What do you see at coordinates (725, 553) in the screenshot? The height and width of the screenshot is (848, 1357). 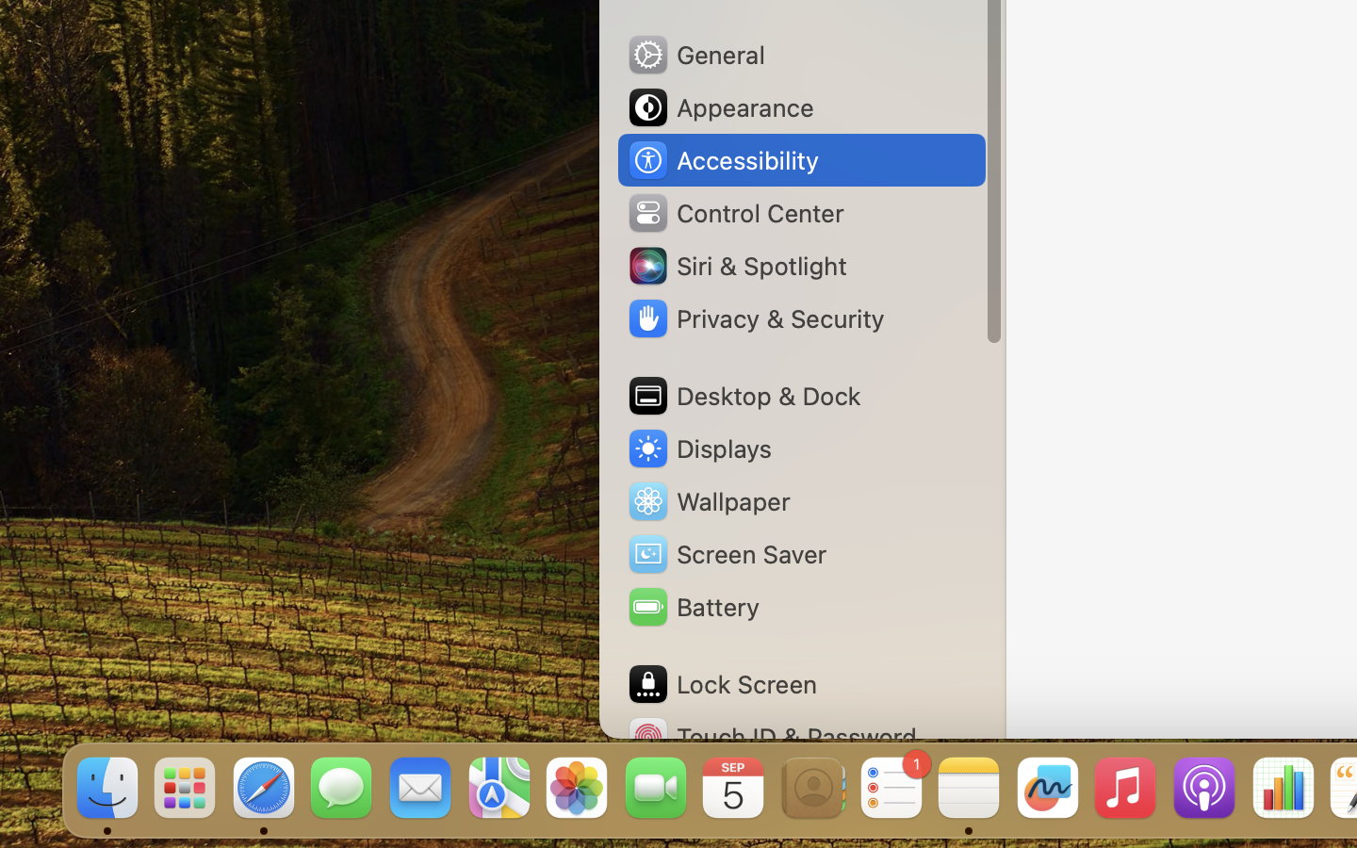 I see `'Screen Saver'` at bounding box center [725, 553].